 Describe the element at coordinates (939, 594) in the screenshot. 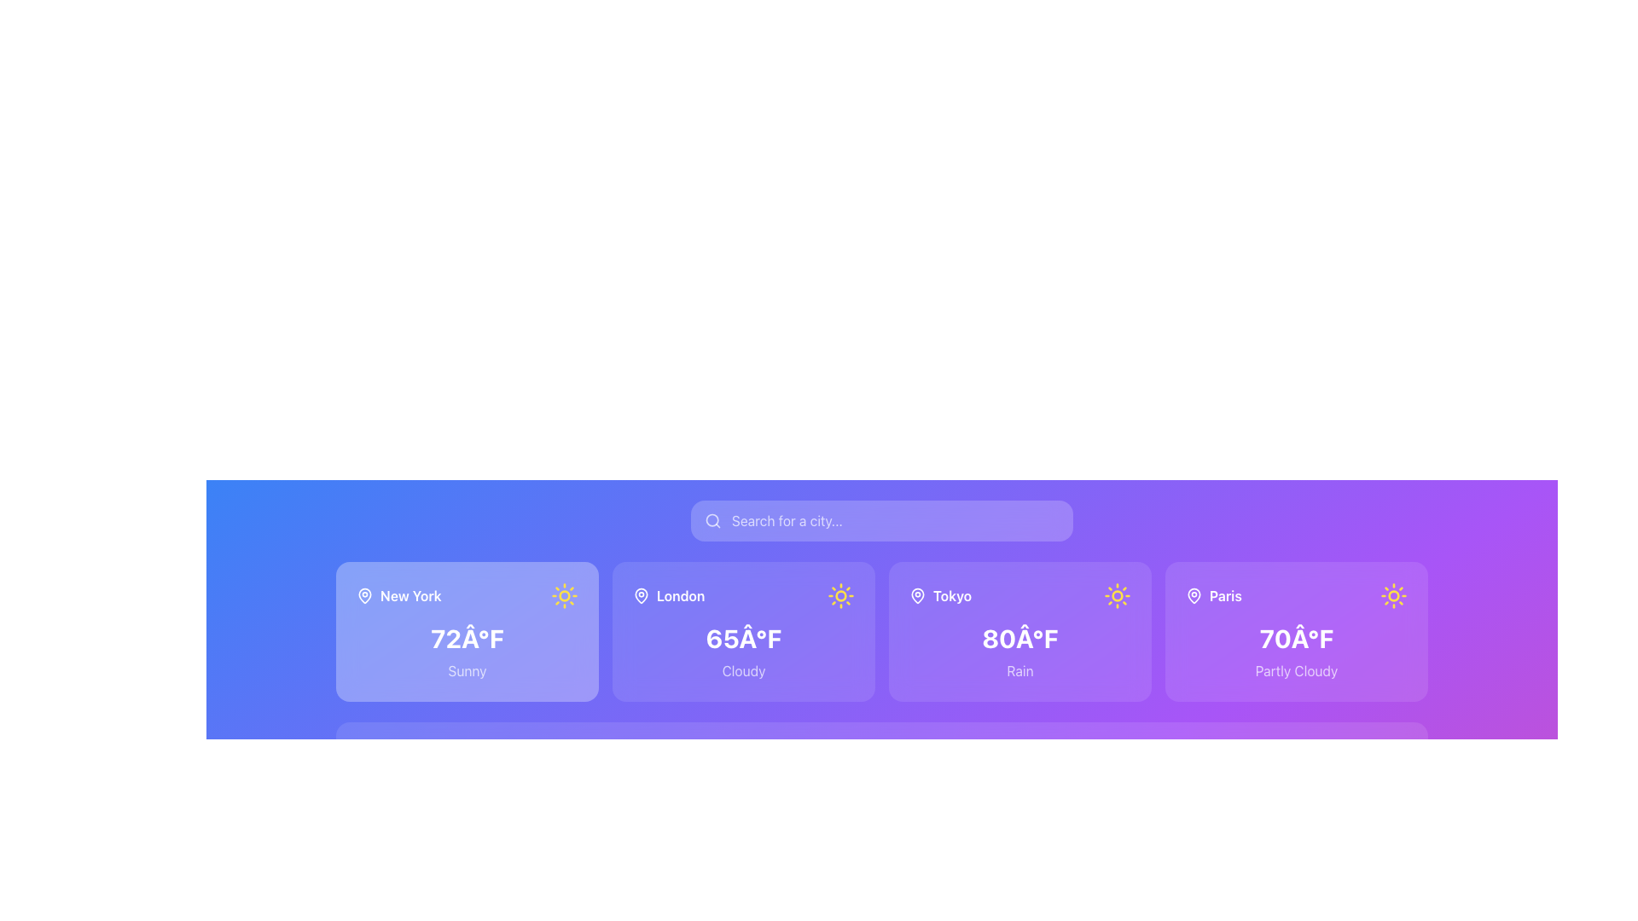

I see `the text label displaying 'Tokyo', which is styled in bold, white font and is located in the center of a card-like structure` at that location.